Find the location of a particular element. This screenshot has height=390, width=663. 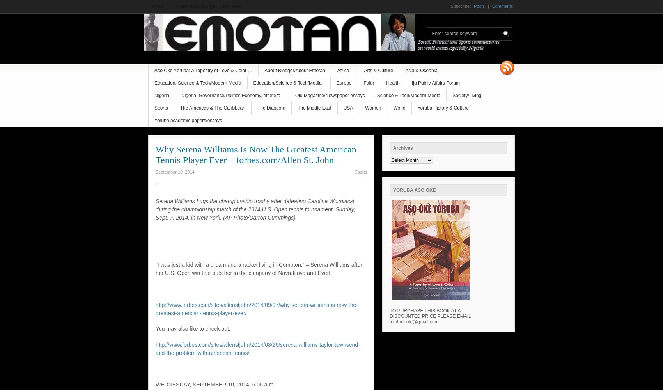

'Aṣọ Òkè Yòrùbá: A Tapestry of Love & Color …' is located at coordinates (203, 71).